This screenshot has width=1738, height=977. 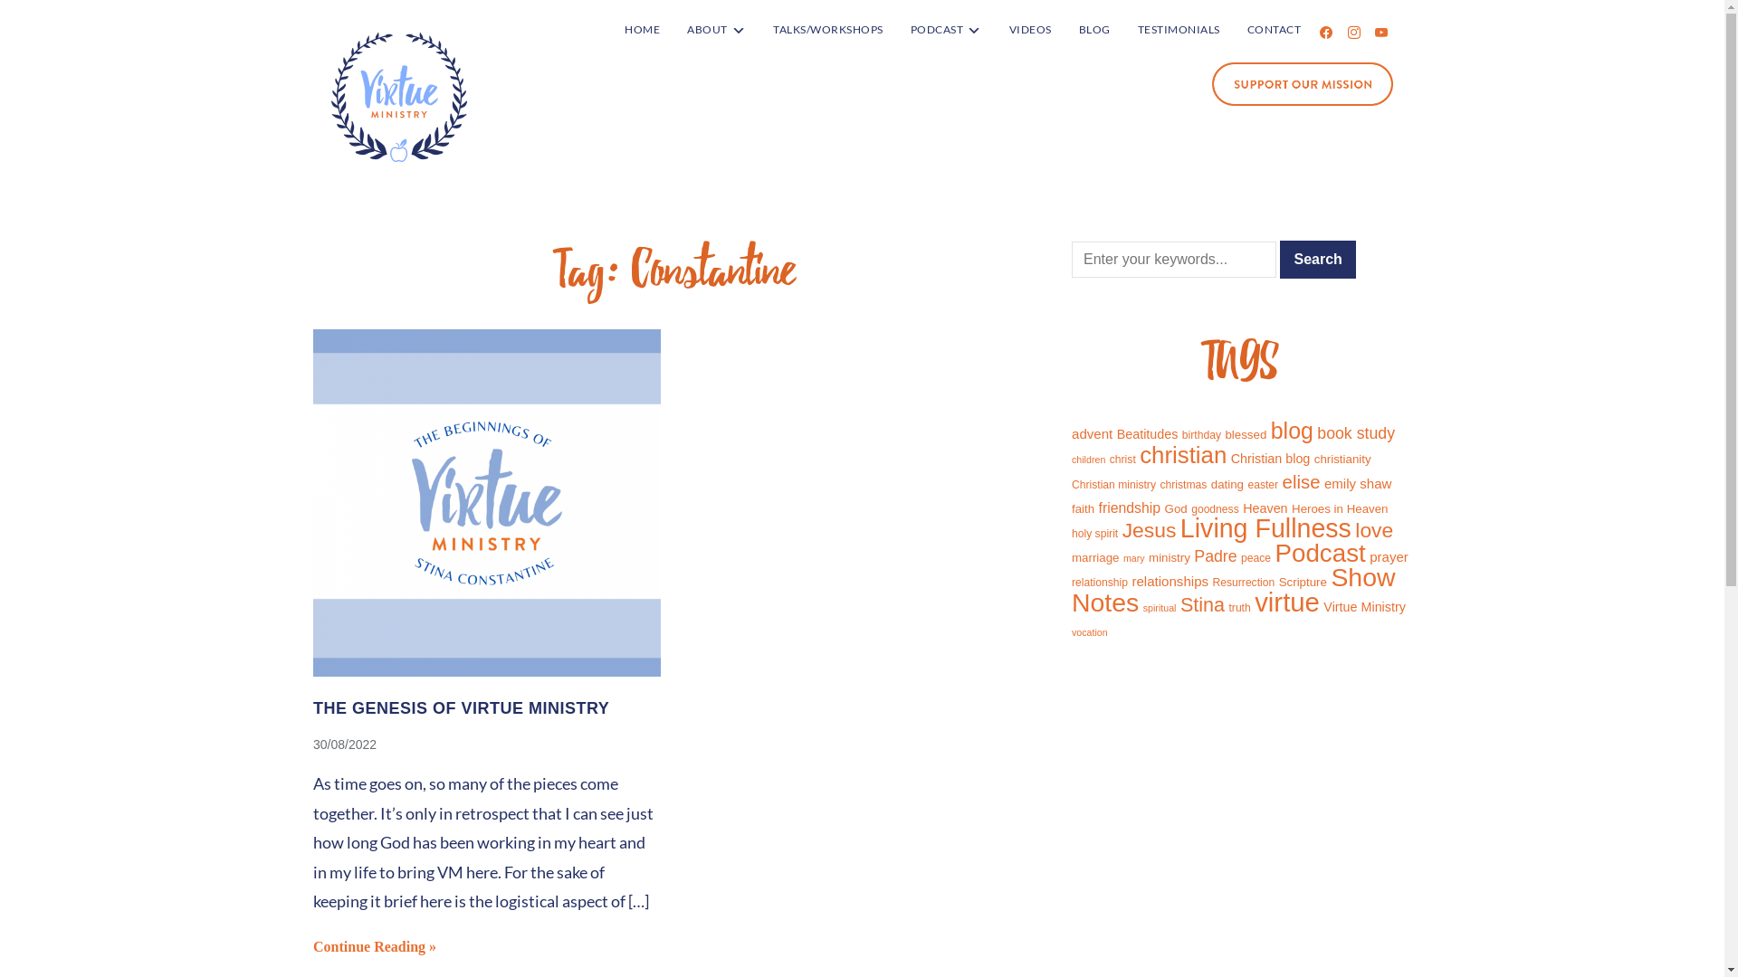 I want to click on 'BLOG', so click(x=1093, y=30).